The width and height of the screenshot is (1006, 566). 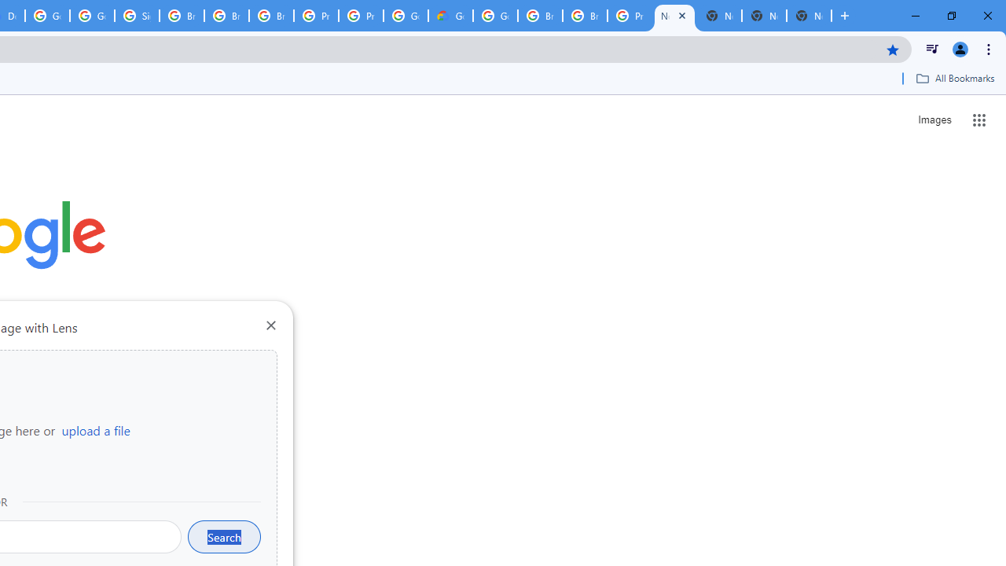 What do you see at coordinates (223, 535) in the screenshot?
I see `'Search'` at bounding box center [223, 535].